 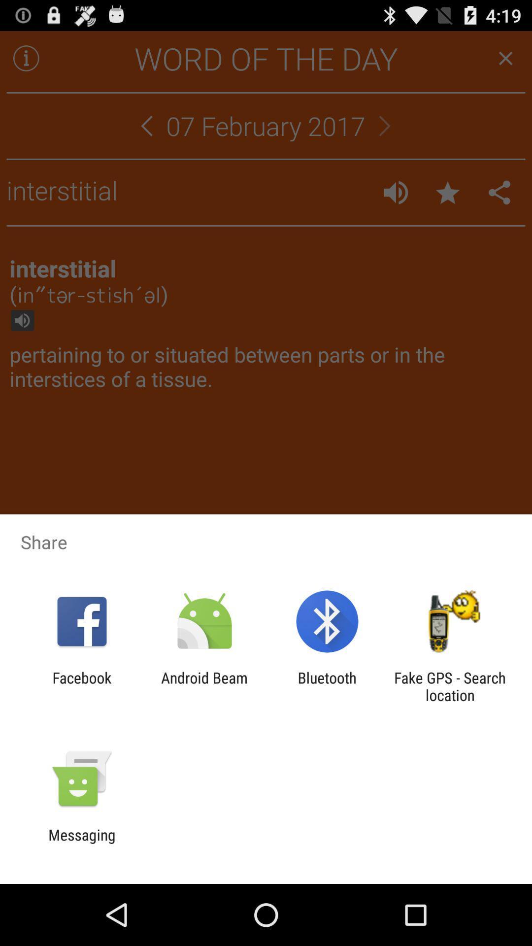 What do you see at coordinates (204, 686) in the screenshot?
I see `android beam item` at bounding box center [204, 686].